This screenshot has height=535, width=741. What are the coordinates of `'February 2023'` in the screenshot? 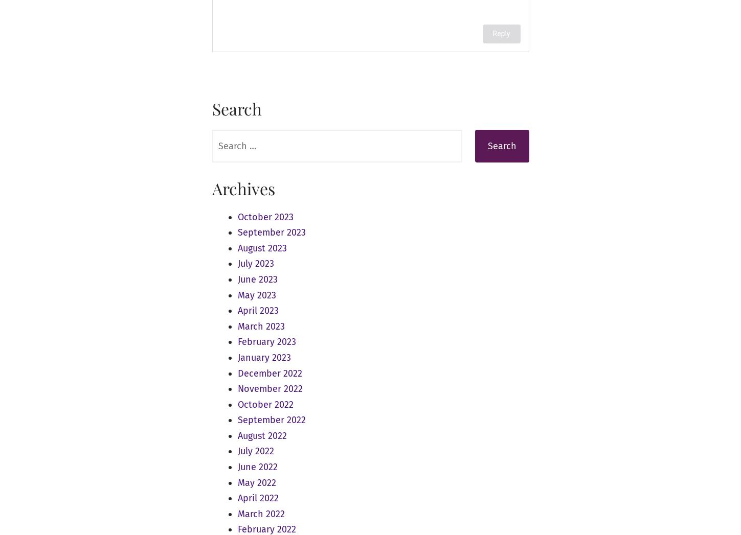 It's located at (266, 341).